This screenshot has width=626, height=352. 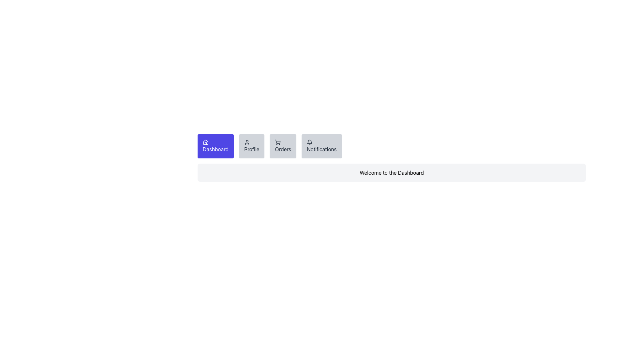 I want to click on the 'Orders' text in the navigation menu, which is styled in black on a light grey background and located to the right of a shopping cart icon, so click(x=283, y=149).